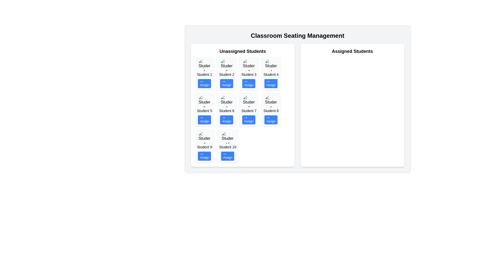 The width and height of the screenshot is (484, 272). What do you see at coordinates (226, 109) in the screenshot?
I see `the 'Assign' button on the Composite card representing 'Student 6' in the 'Unassigned Students' section to assign the student to a seat or group` at bounding box center [226, 109].